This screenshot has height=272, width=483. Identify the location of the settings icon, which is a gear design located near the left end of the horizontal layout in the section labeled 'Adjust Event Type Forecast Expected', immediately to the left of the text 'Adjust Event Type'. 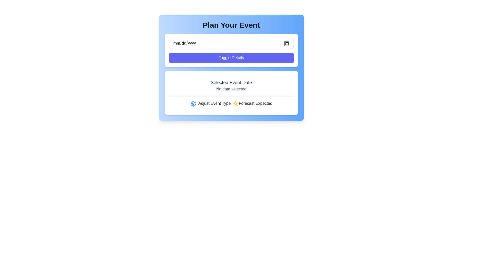
(193, 103).